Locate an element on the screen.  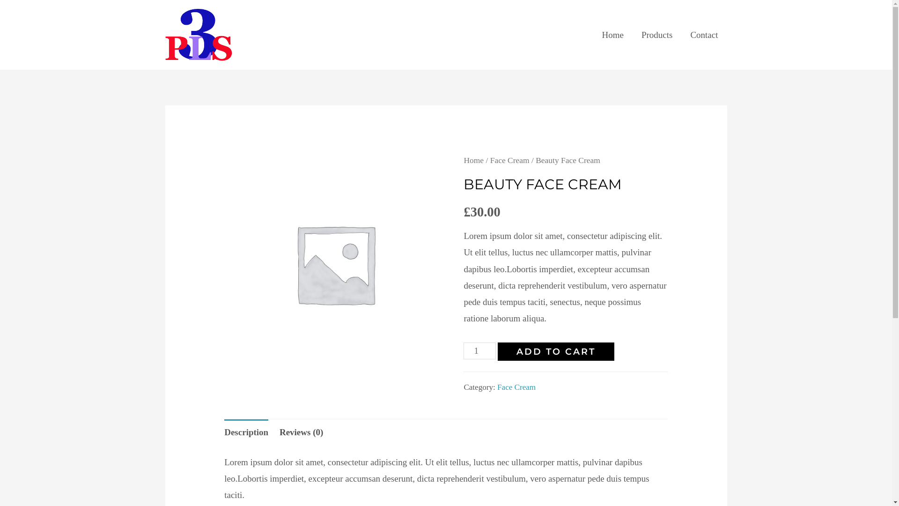
'Home' is located at coordinates (473, 160).